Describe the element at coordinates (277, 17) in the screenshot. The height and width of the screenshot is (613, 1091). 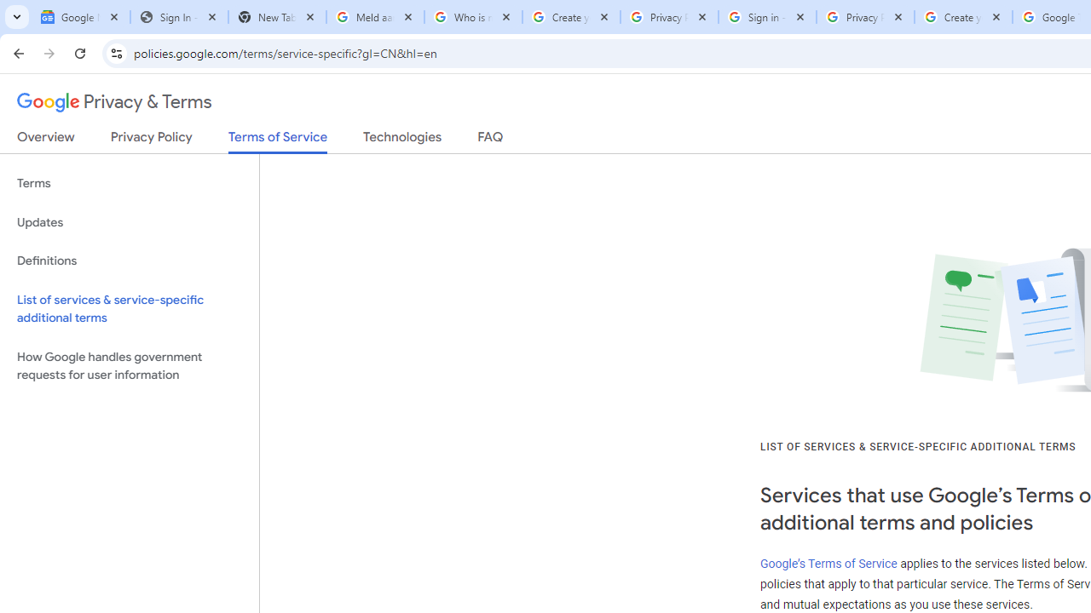
I see `'New Tab'` at that location.